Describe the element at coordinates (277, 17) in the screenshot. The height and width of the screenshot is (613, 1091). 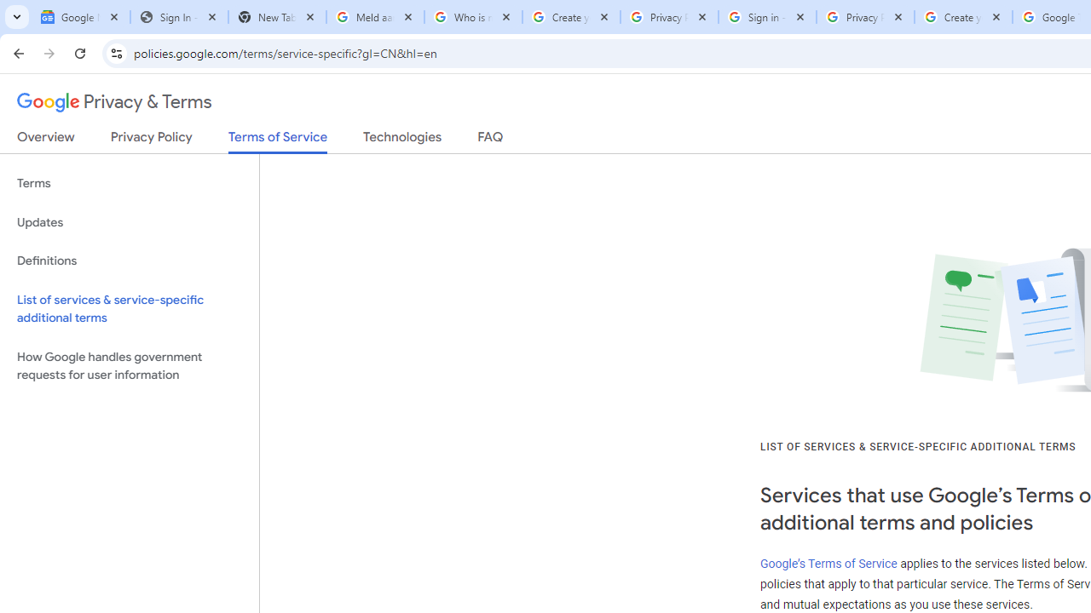
I see `'New Tab'` at that location.